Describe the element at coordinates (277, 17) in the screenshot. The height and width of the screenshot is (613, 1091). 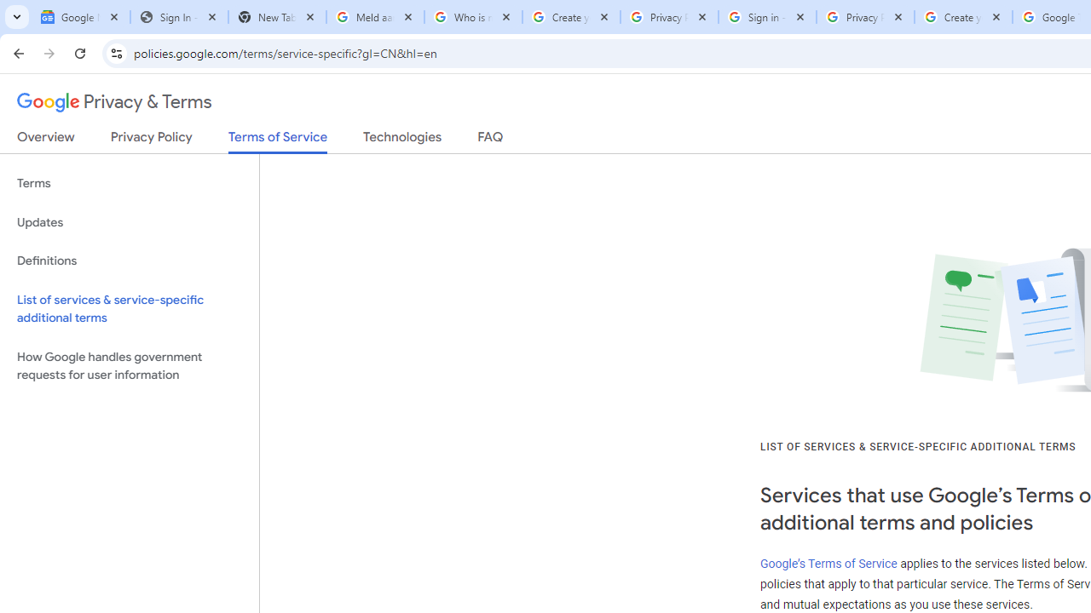
I see `'New Tab'` at that location.